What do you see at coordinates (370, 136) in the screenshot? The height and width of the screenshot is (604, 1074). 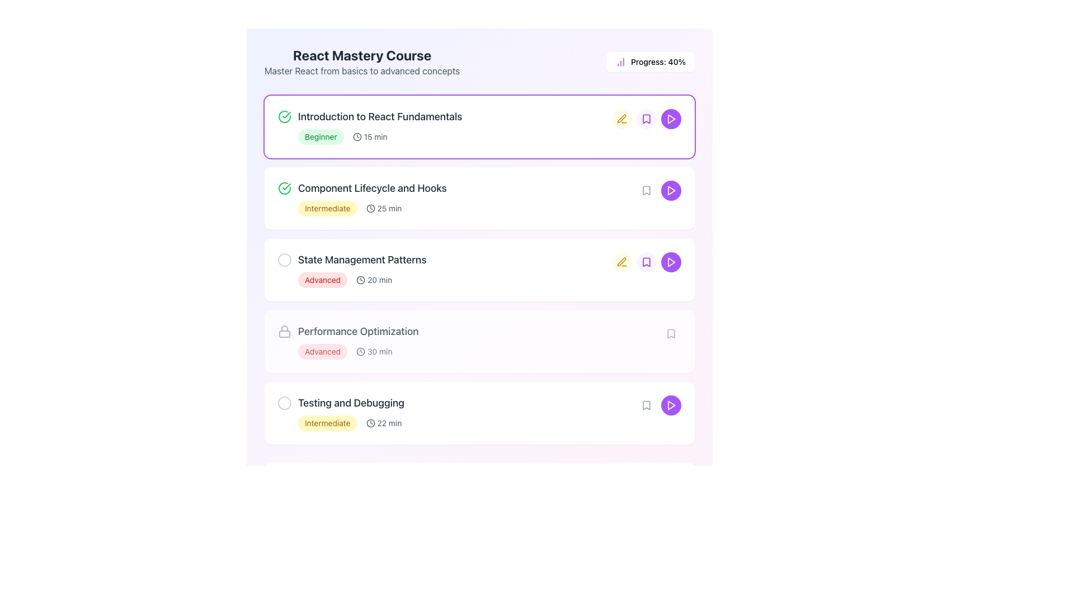 I see `the text '15 min' adjacent to the clock icon within the highlighted card labeled 'Introduction to React Fundamentals'` at bounding box center [370, 136].